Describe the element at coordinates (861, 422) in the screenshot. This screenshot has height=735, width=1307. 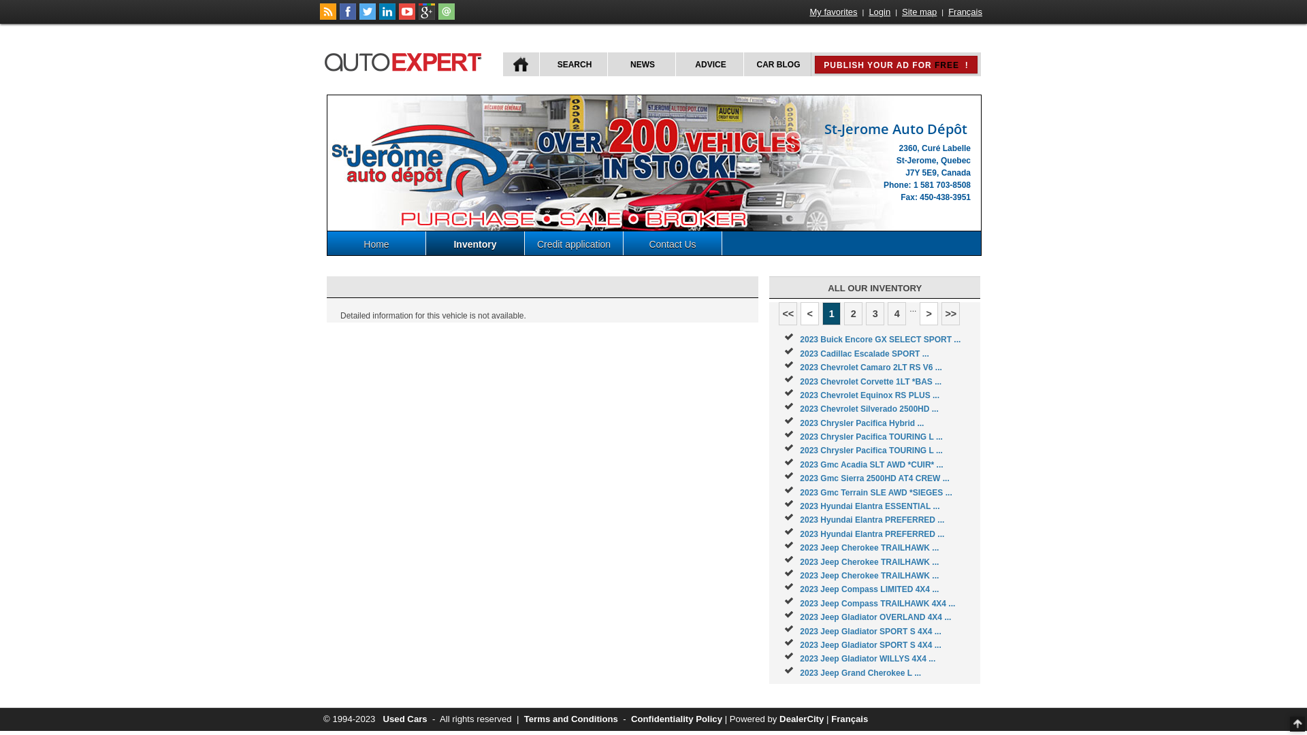
I see `'2023 Chrysler Pacifica Hybrid ...'` at that location.